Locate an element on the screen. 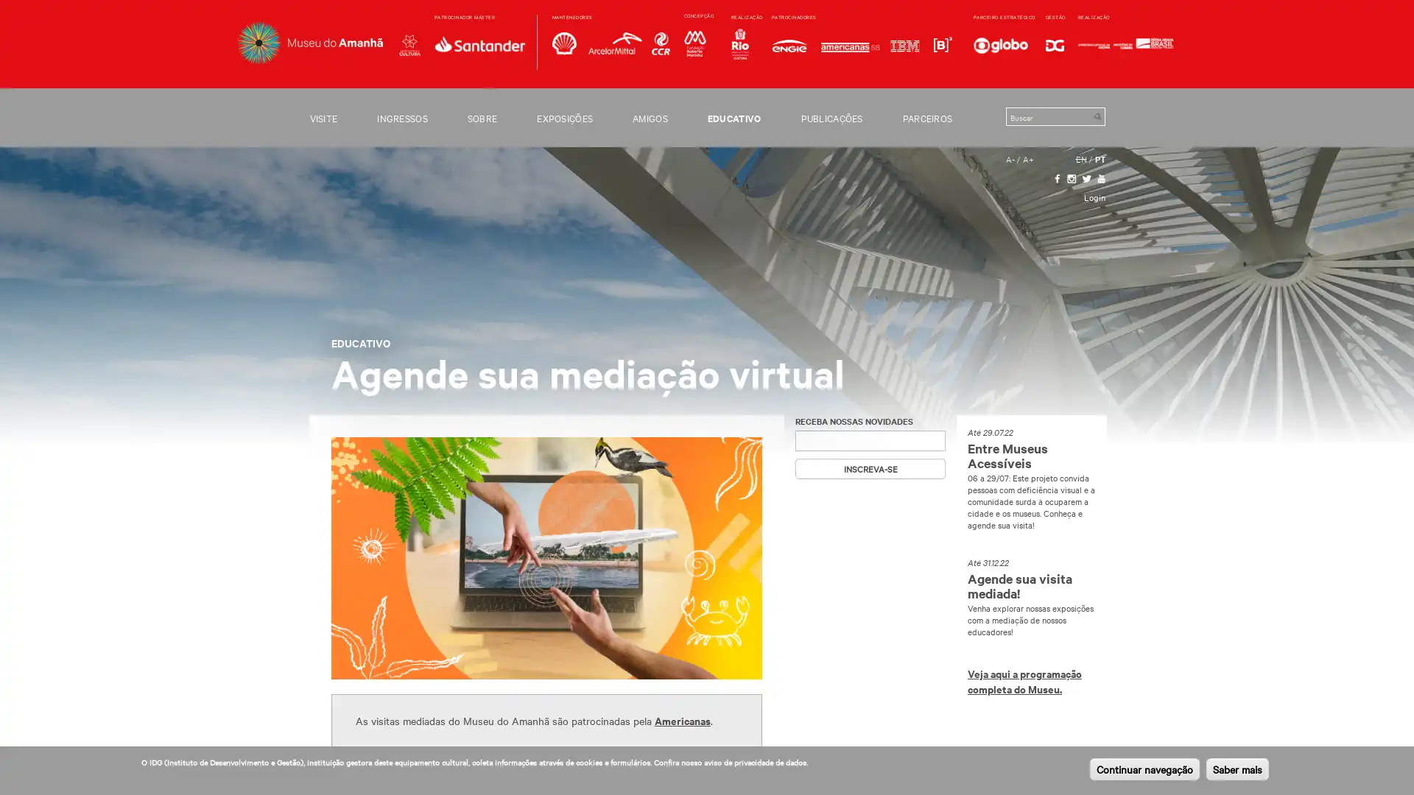  Inscreva-se is located at coordinates (870, 468).